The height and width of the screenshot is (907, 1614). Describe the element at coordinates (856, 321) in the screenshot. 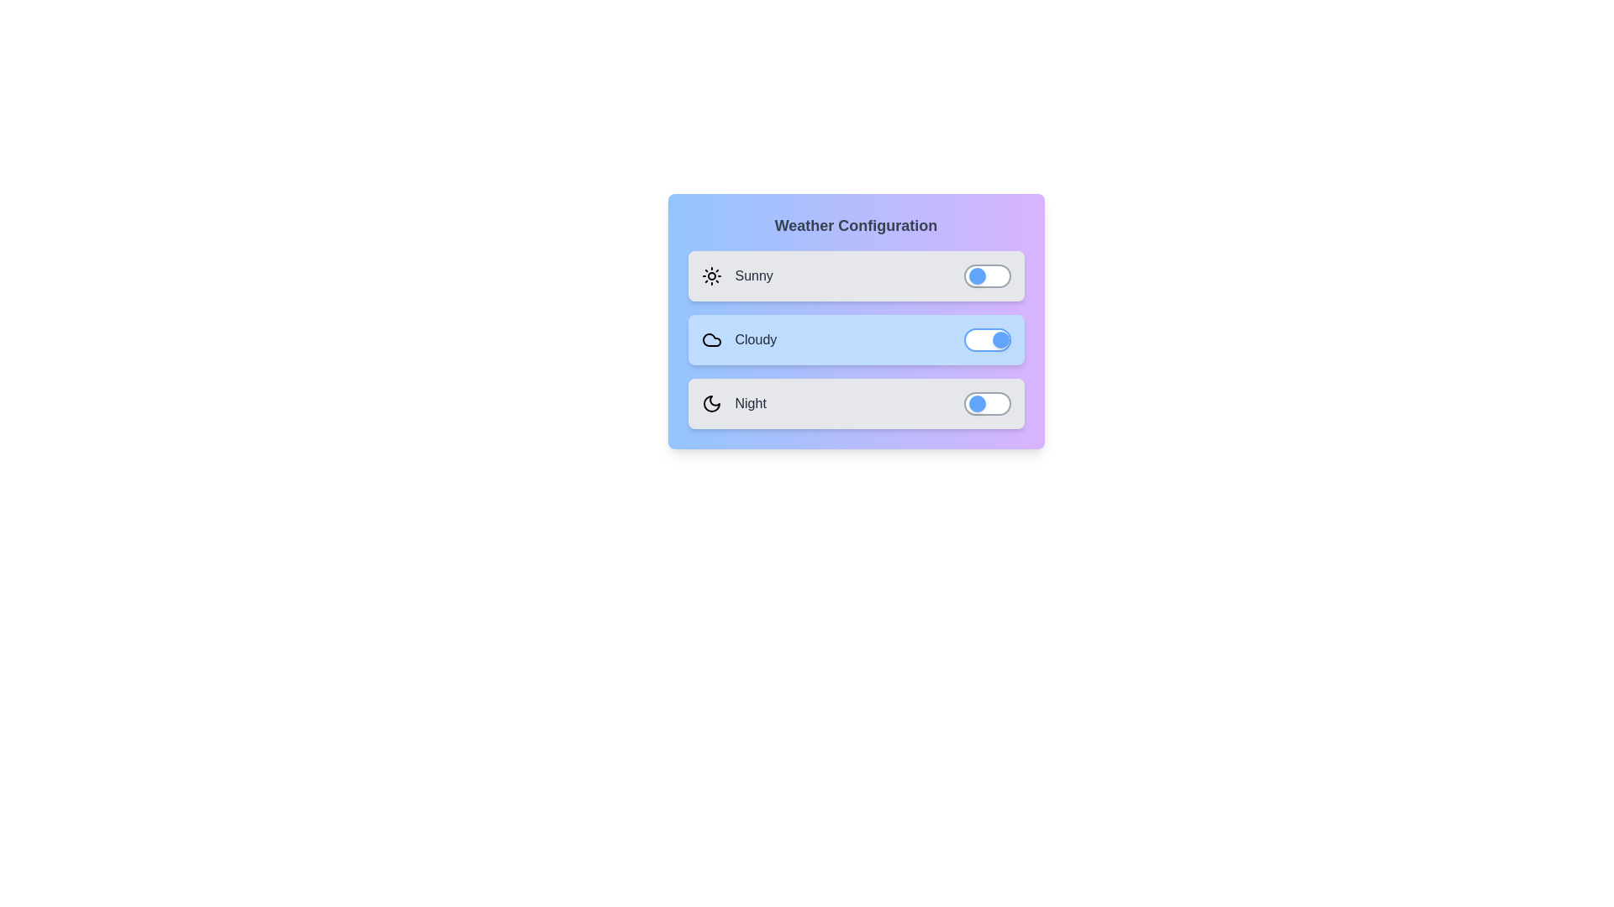

I see `the color gradient background of the WeatherControlPanel` at that location.